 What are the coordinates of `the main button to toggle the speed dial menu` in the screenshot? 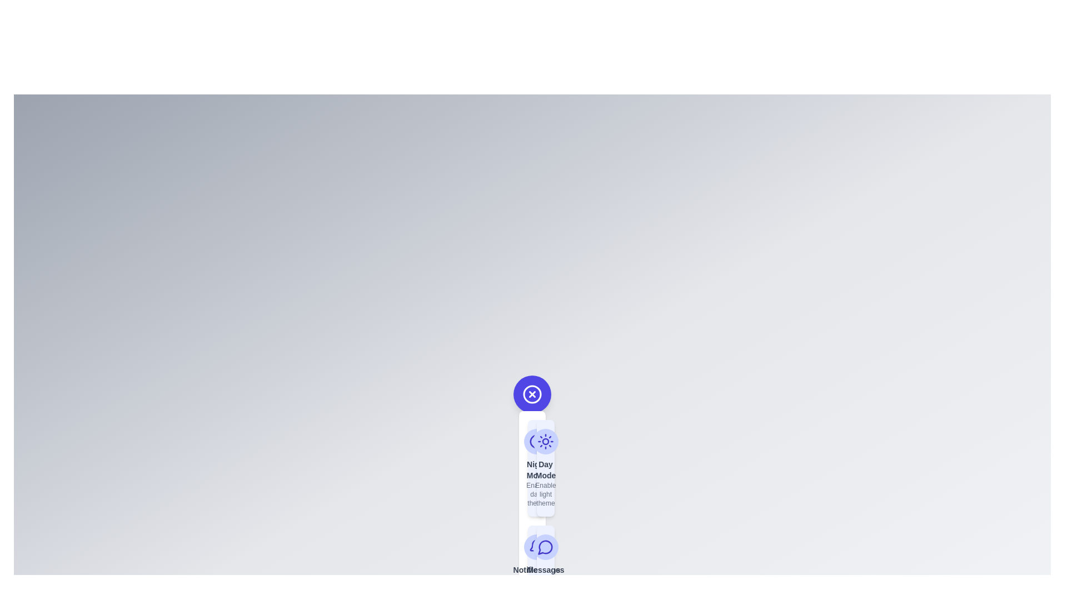 It's located at (532, 393).